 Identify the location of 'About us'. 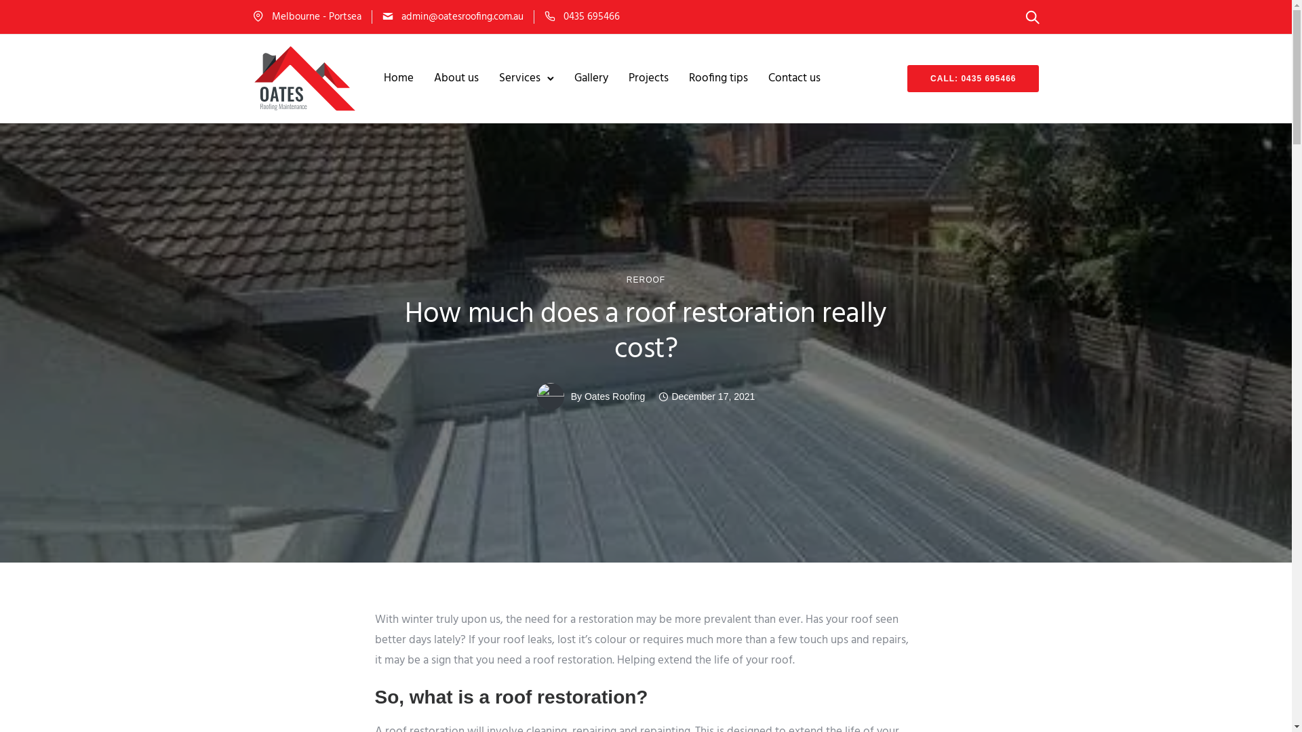
(426, 78).